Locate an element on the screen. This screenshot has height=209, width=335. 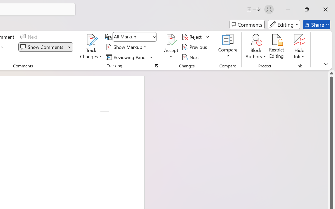
'Track Changes' is located at coordinates (91, 39).